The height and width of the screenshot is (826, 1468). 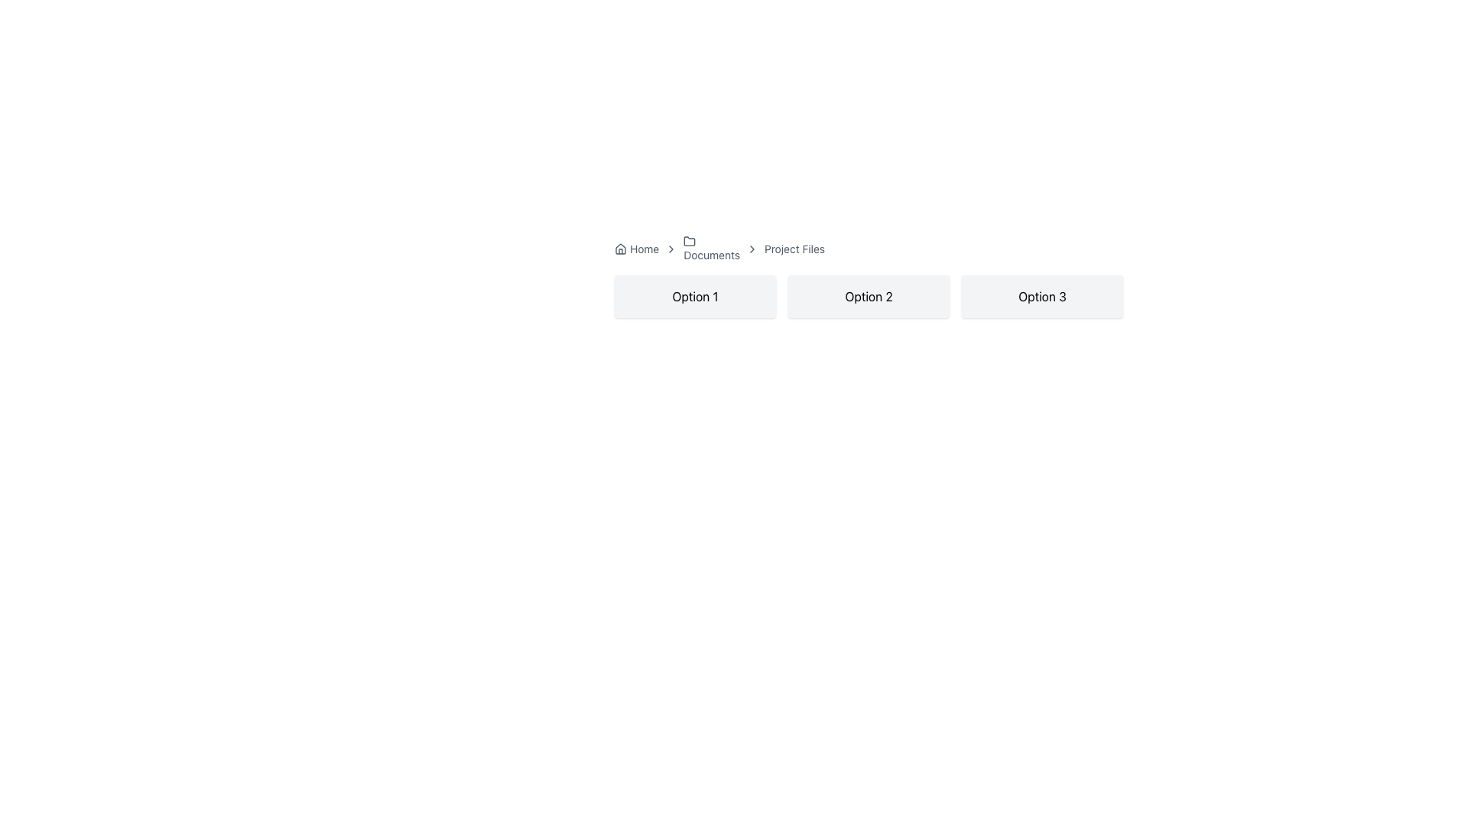 I want to click on the 'Home' icon located in the breadcrumb navigation bar, positioned on the far left, adjacent to 'Documents' and 'Project Files', so click(x=620, y=249).